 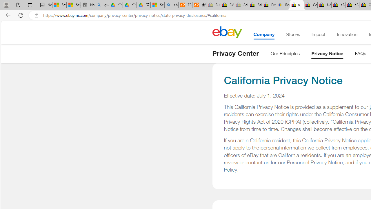 I want to click on 'Our Principles', so click(x=285, y=55).